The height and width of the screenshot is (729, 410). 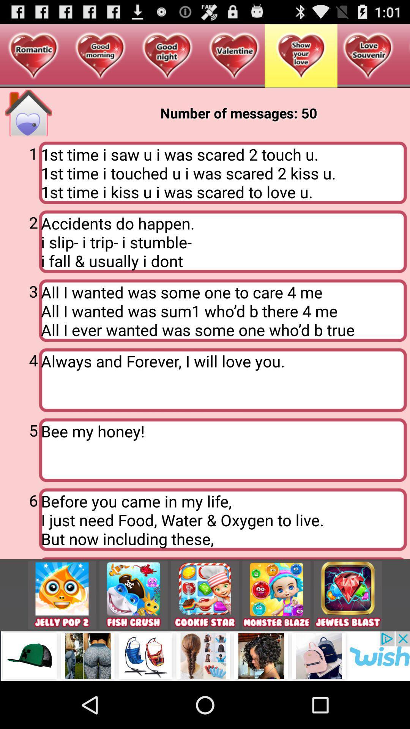 I want to click on jewels blast, so click(x=348, y=595).